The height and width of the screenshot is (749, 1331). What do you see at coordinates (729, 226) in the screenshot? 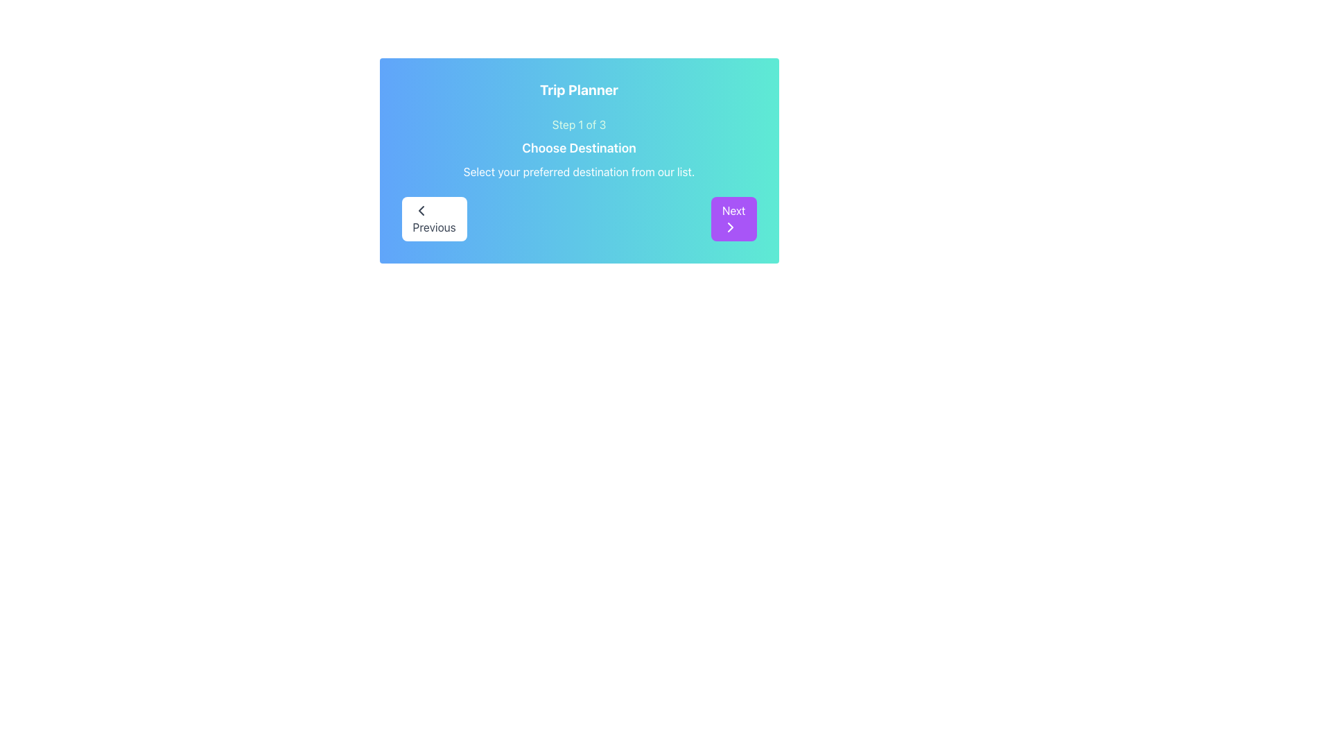
I see `the chevron pointing right icon located on the right side of the 'Next' button in the bottom-right corner of the interface's central card` at bounding box center [729, 226].